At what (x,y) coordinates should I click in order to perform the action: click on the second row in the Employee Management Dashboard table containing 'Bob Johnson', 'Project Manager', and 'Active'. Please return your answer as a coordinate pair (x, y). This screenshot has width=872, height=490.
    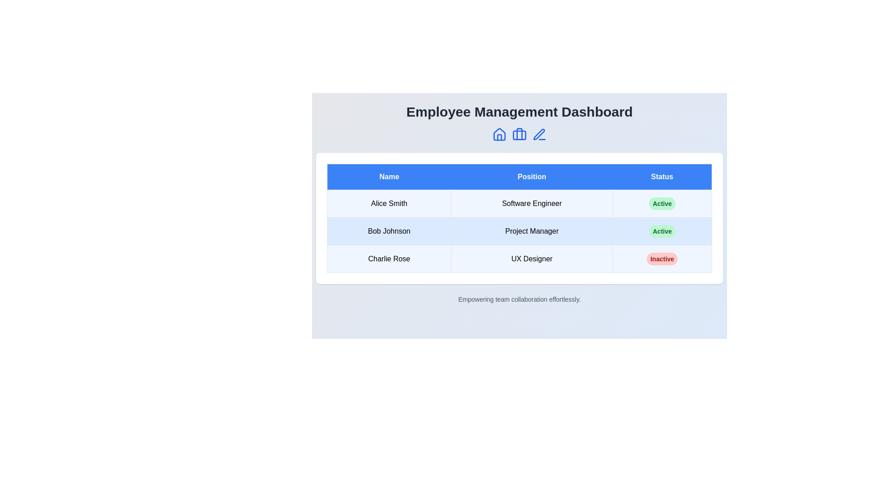
    Looking at the image, I should click on (519, 230).